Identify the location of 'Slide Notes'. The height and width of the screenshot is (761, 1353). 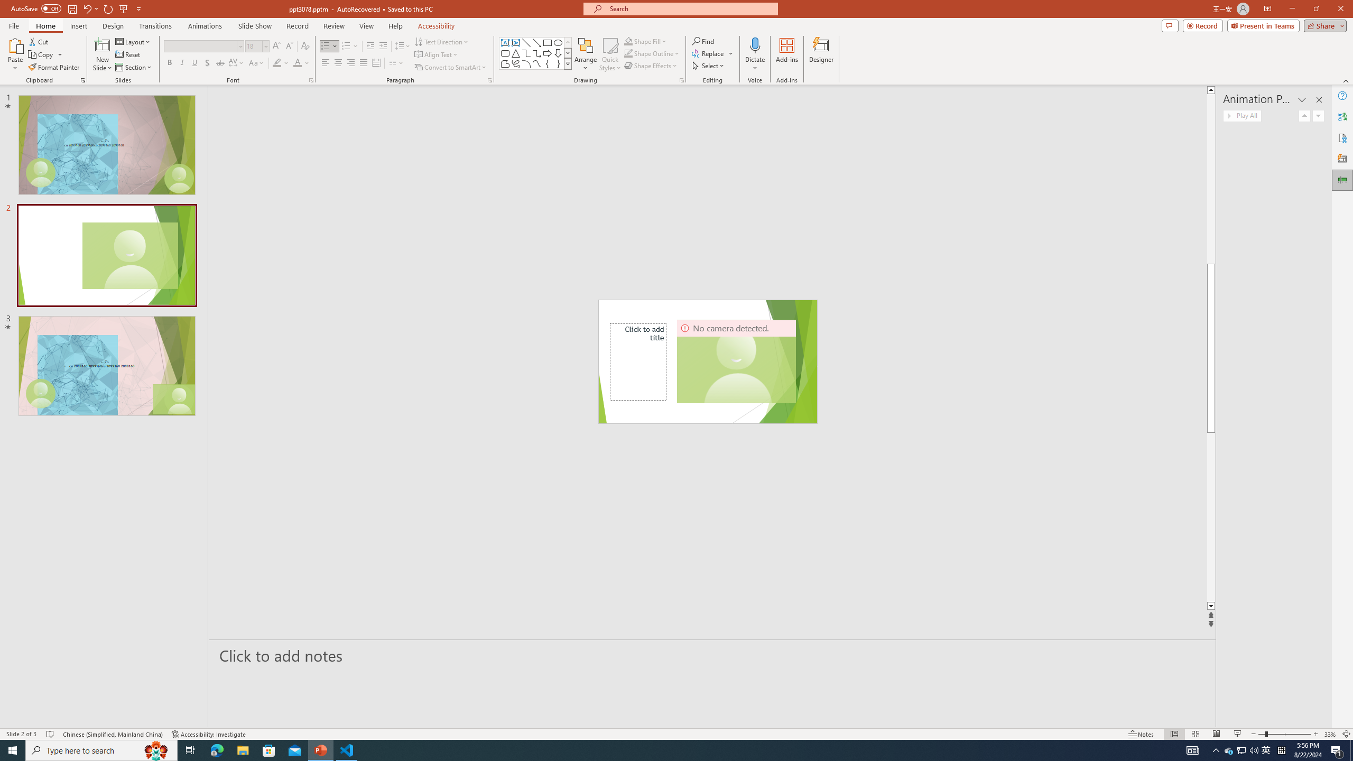
(713, 655).